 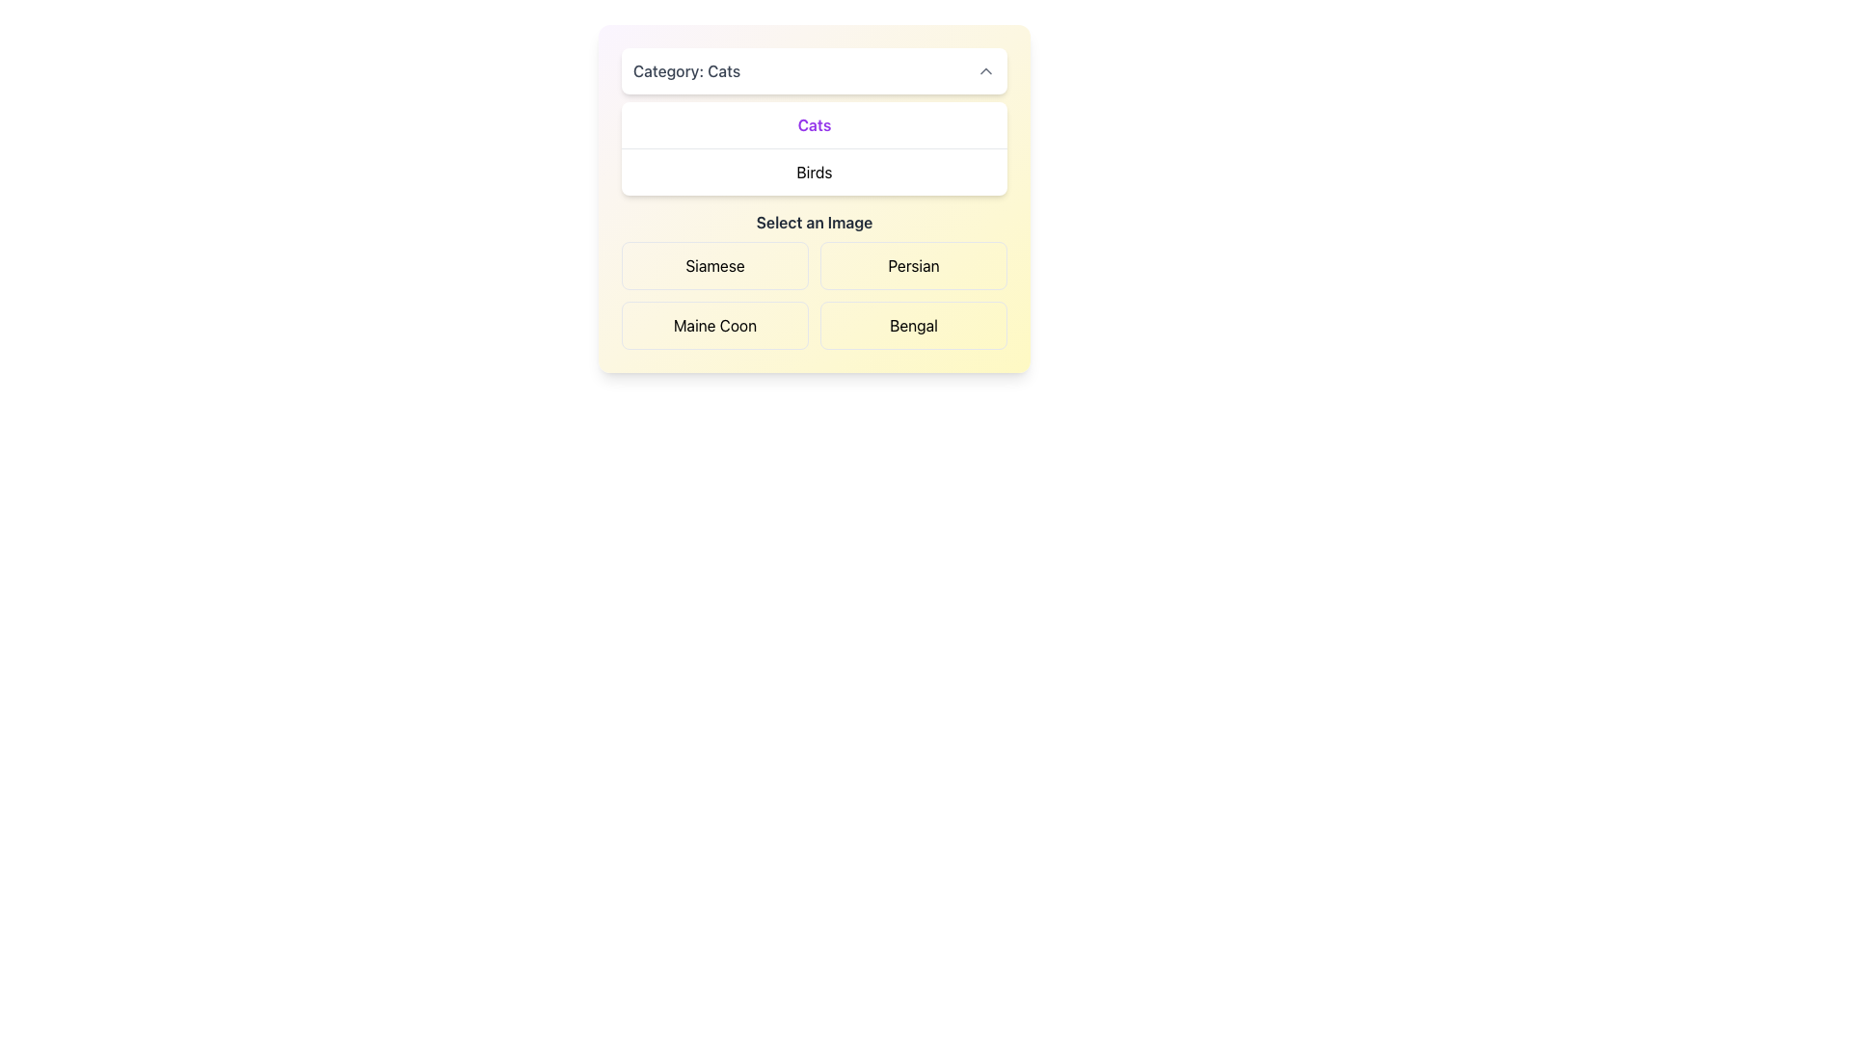 I want to click on the 'Persian' button, which is a rectangular button with rounded corners and a light beige background, located in the top-right cell of a 2x2 grid under the label 'Select an Image', so click(x=913, y=266).